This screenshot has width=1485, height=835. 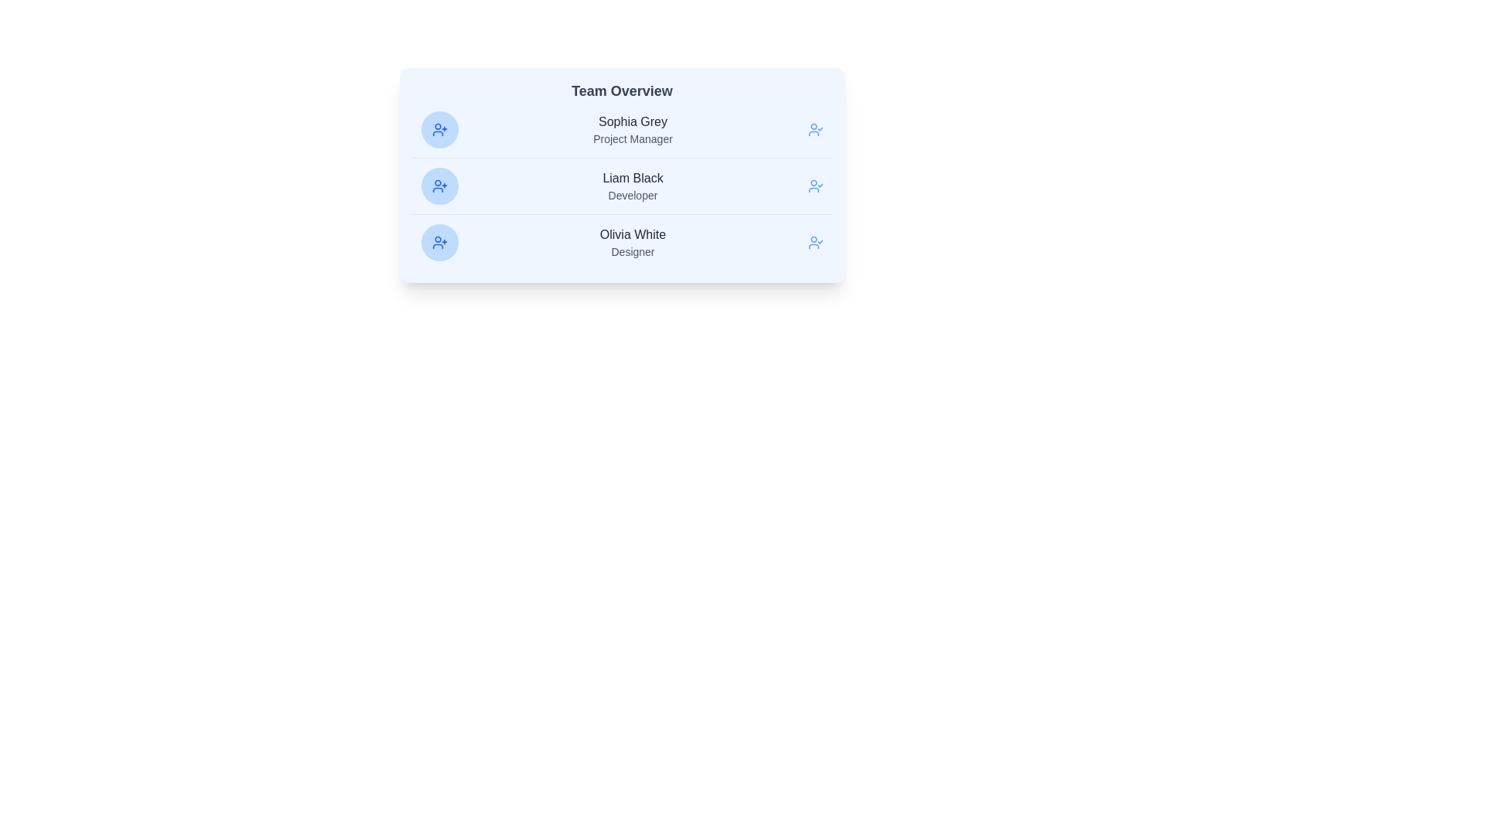 I want to click on the user icon with a check mark located to the right of 'Olivia White' to confirm a choice, so click(x=814, y=242).